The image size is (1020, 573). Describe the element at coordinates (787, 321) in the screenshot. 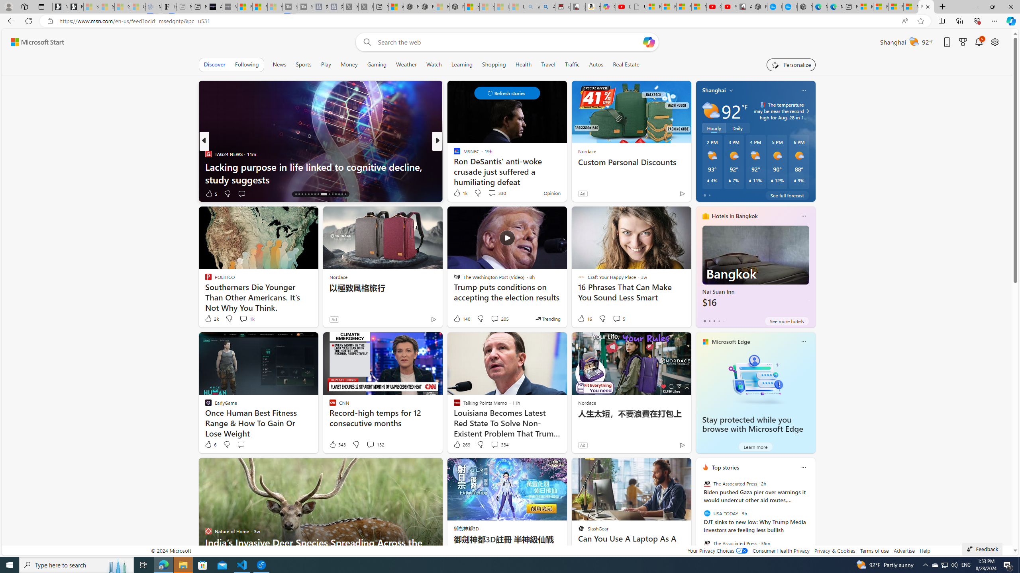

I see `'See more hotels'` at that location.